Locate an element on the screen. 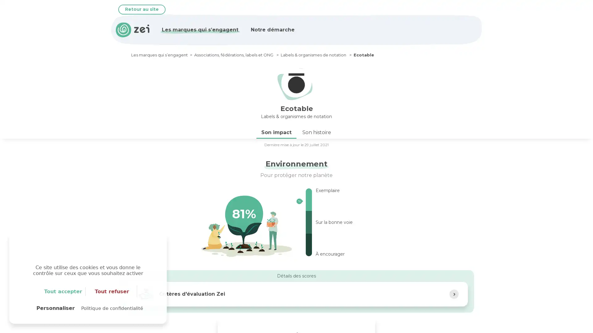 Image resolution: width=593 pixels, height=333 pixels. Son impact is located at coordinates (276, 132).